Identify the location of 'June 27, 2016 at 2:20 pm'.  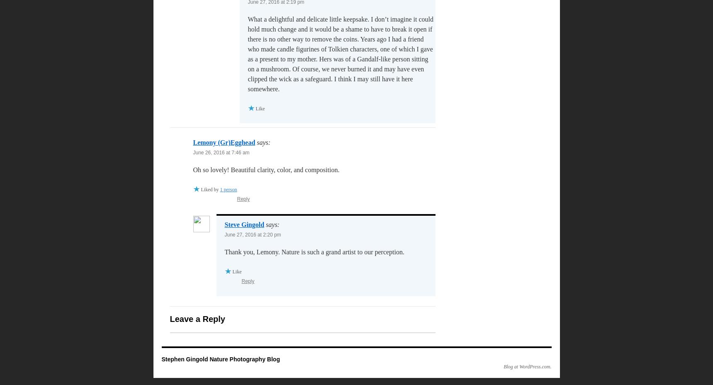
(253, 234).